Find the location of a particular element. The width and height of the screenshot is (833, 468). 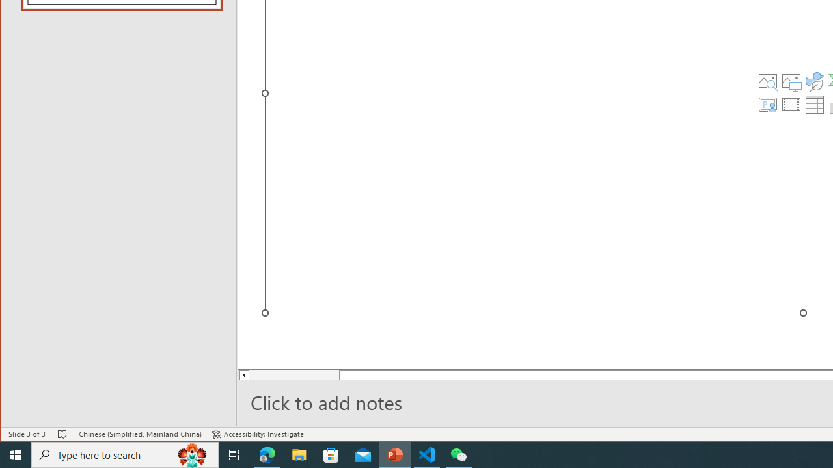

'Task View' is located at coordinates (234, 454).